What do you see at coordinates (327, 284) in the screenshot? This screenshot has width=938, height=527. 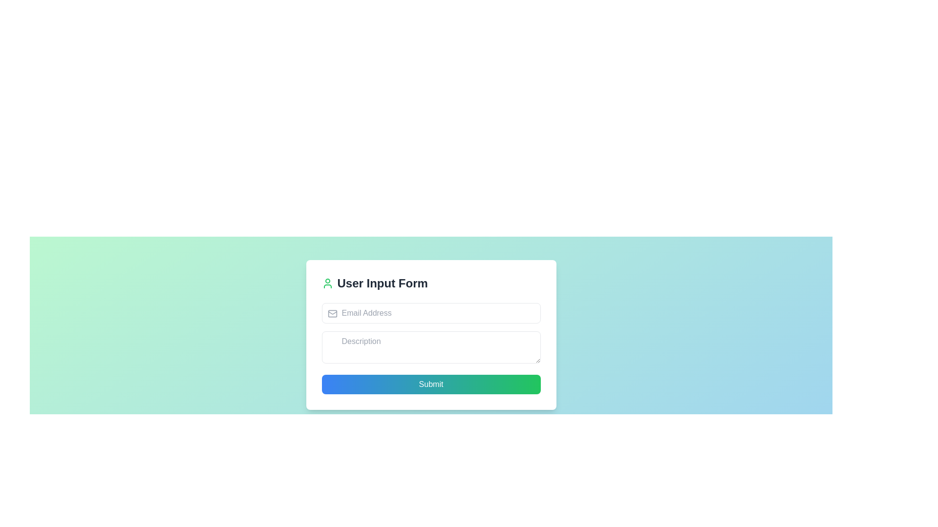 I see `the user input icon as a visual cue` at bounding box center [327, 284].